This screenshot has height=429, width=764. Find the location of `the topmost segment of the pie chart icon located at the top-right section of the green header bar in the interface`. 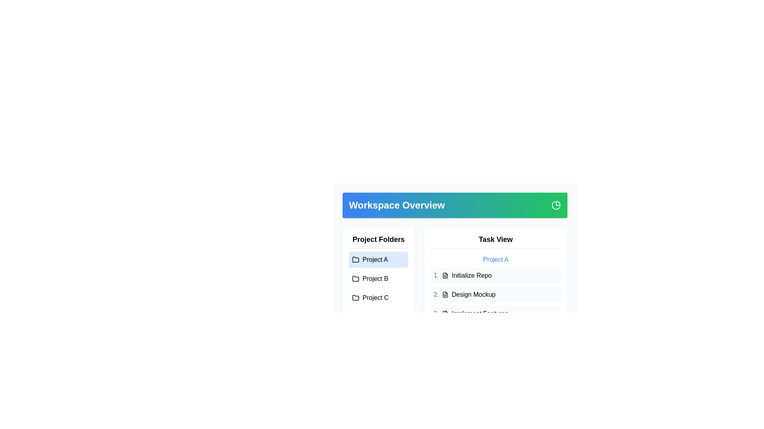

the topmost segment of the pie chart icon located at the top-right section of the green header bar in the interface is located at coordinates (557, 203).